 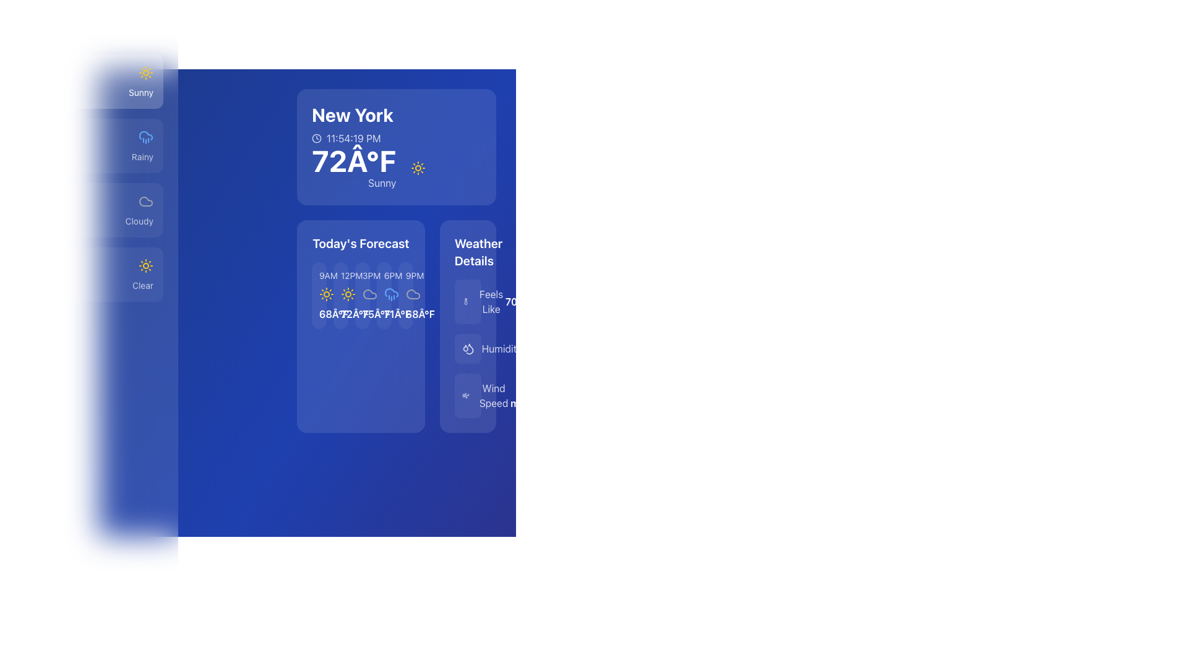 What do you see at coordinates (361, 296) in the screenshot?
I see `the informational text block displaying the weather forecast for 3PM with temperature 75°F and condition cloudy, located centrally in the 'Today's Forecast' section` at bounding box center [361, 296].